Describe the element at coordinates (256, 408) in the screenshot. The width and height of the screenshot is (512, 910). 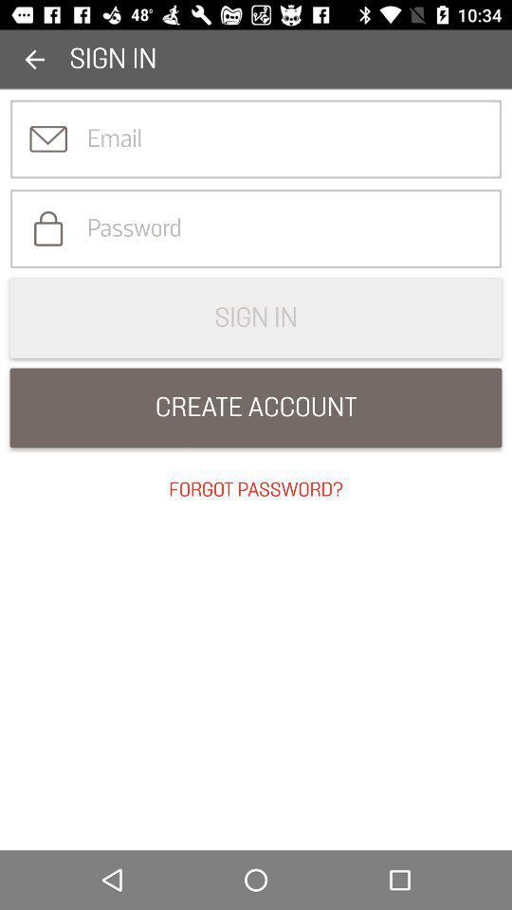
I see `create account item` at that location.